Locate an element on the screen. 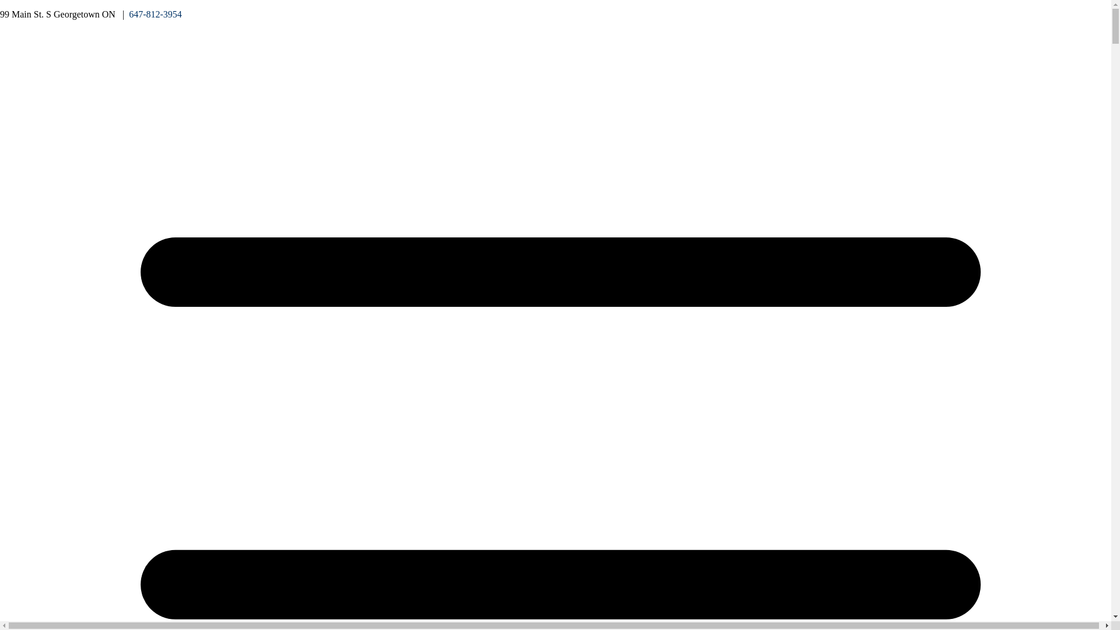 The image size is (1120, 630). '647-812-3954' is located at coordinates (155, 14).